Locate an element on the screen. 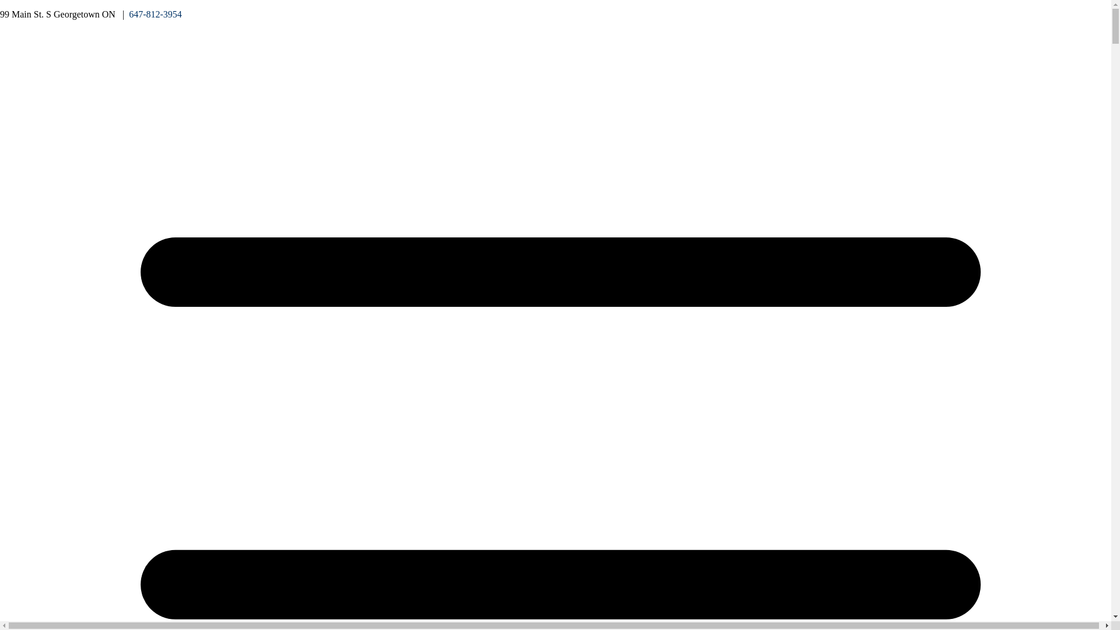 The image size is (1120, 630). '647-812-3954' is located at coordinates (155, 14).